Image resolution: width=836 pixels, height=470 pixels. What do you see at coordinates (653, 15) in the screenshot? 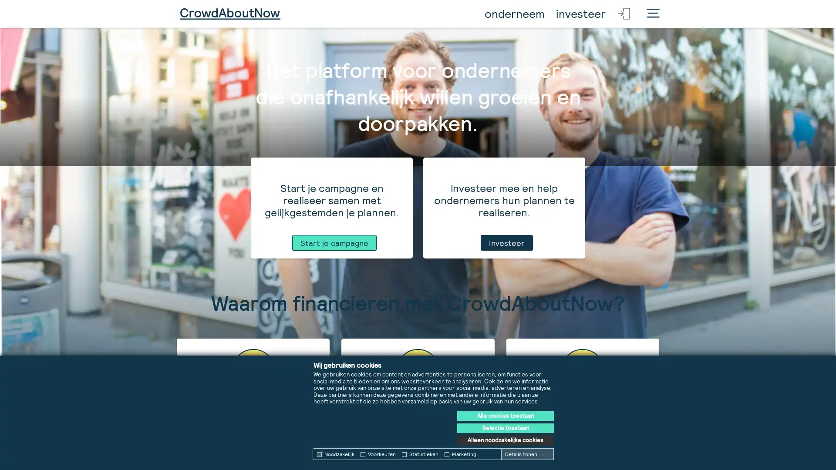
I see `Sluiten` at bounding box center [653, 15].